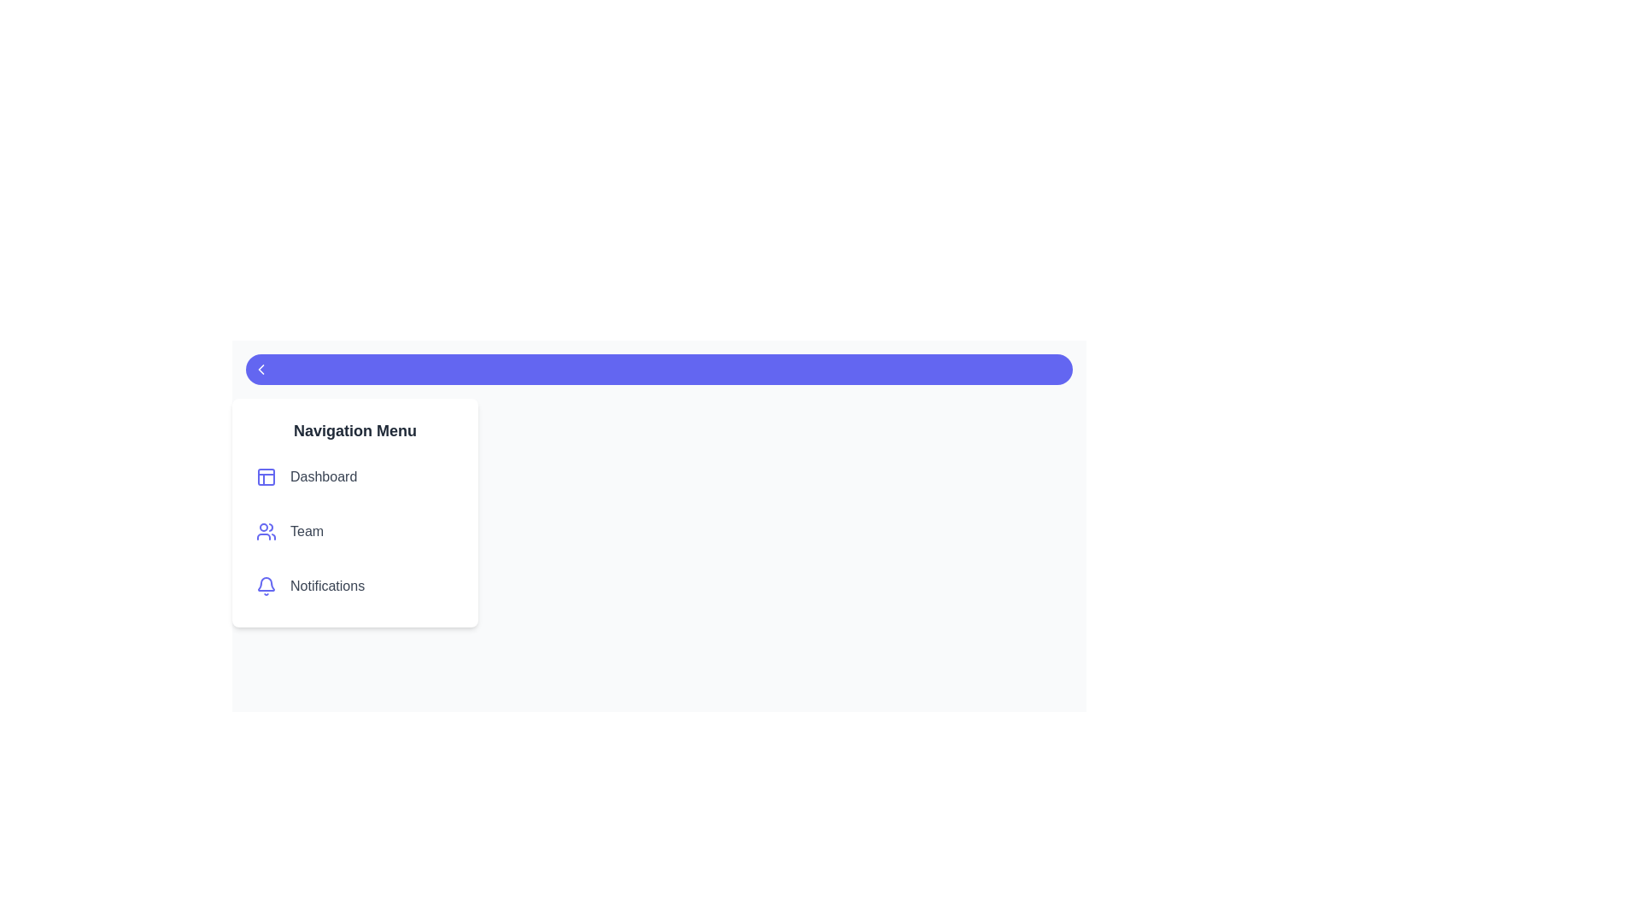 The image size is (1640, 922). I want to click on the menu item labeled Team to observe the visual feedback, so click(354, 531).